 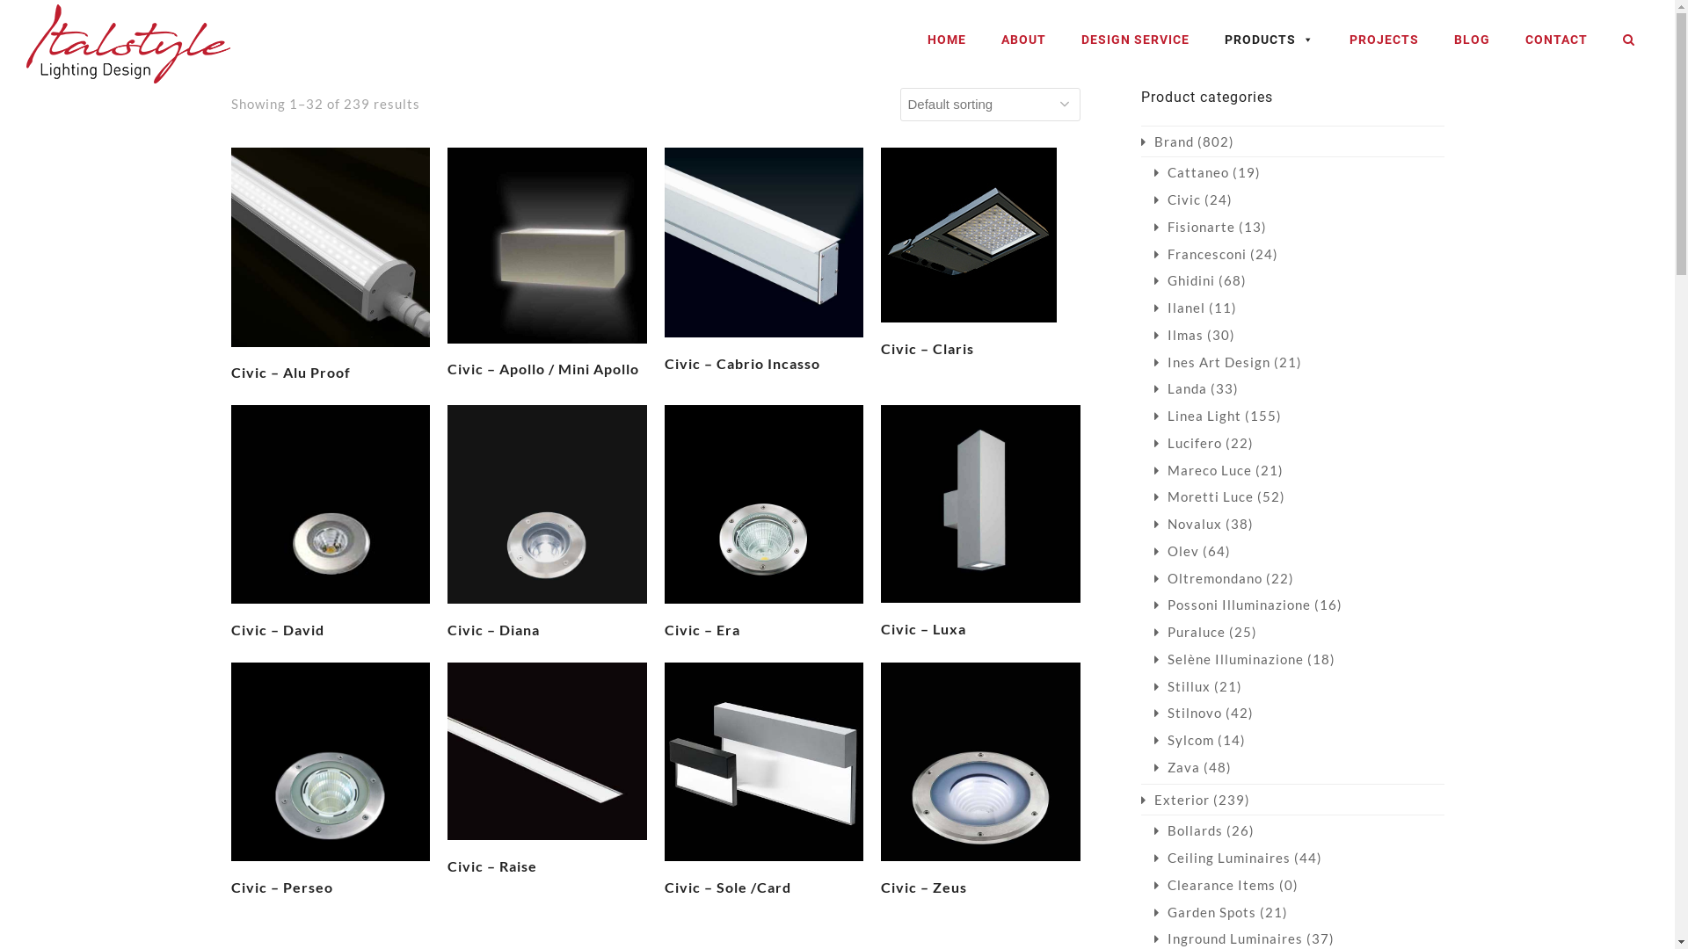 What do you see at coordinates (1182, 685) in the screenshot?
I see `'Stillux'` at bounding box center [1182, 685].